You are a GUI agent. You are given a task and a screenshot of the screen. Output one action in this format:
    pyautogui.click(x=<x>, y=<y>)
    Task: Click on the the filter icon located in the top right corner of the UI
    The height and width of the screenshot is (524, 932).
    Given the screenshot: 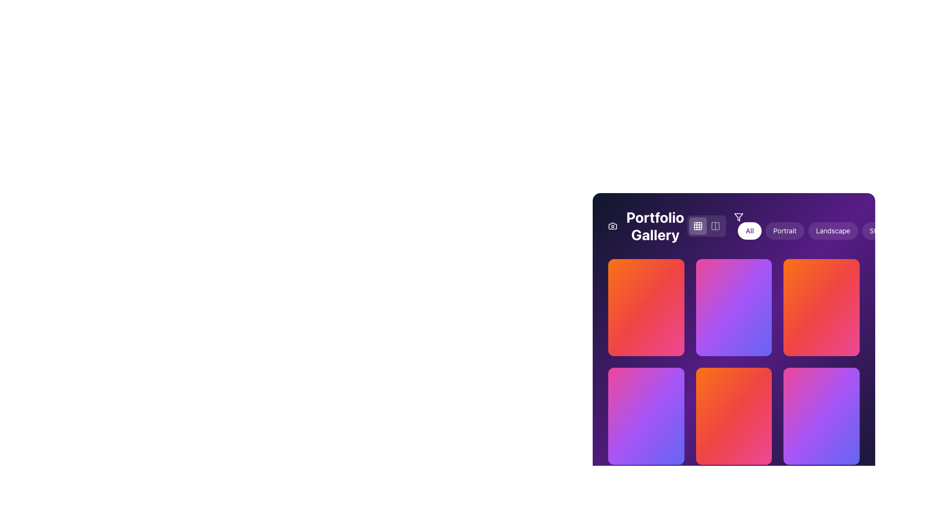 What is the action you would take?
    pyautogui.click(x=738, y=216)
    